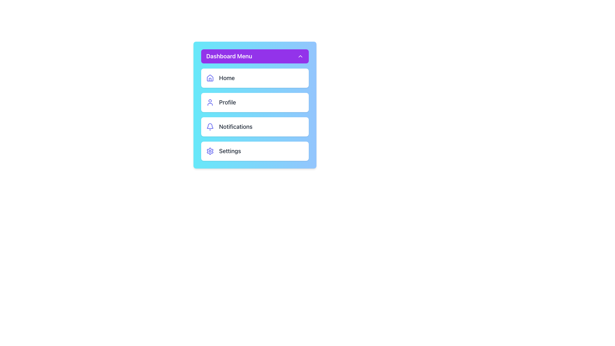 The image size is (615, 346). What do you see at coordinates (235, 127) in the screenshot?
I see `the 'Notifications' menu option` at bounding box center [235, 127].